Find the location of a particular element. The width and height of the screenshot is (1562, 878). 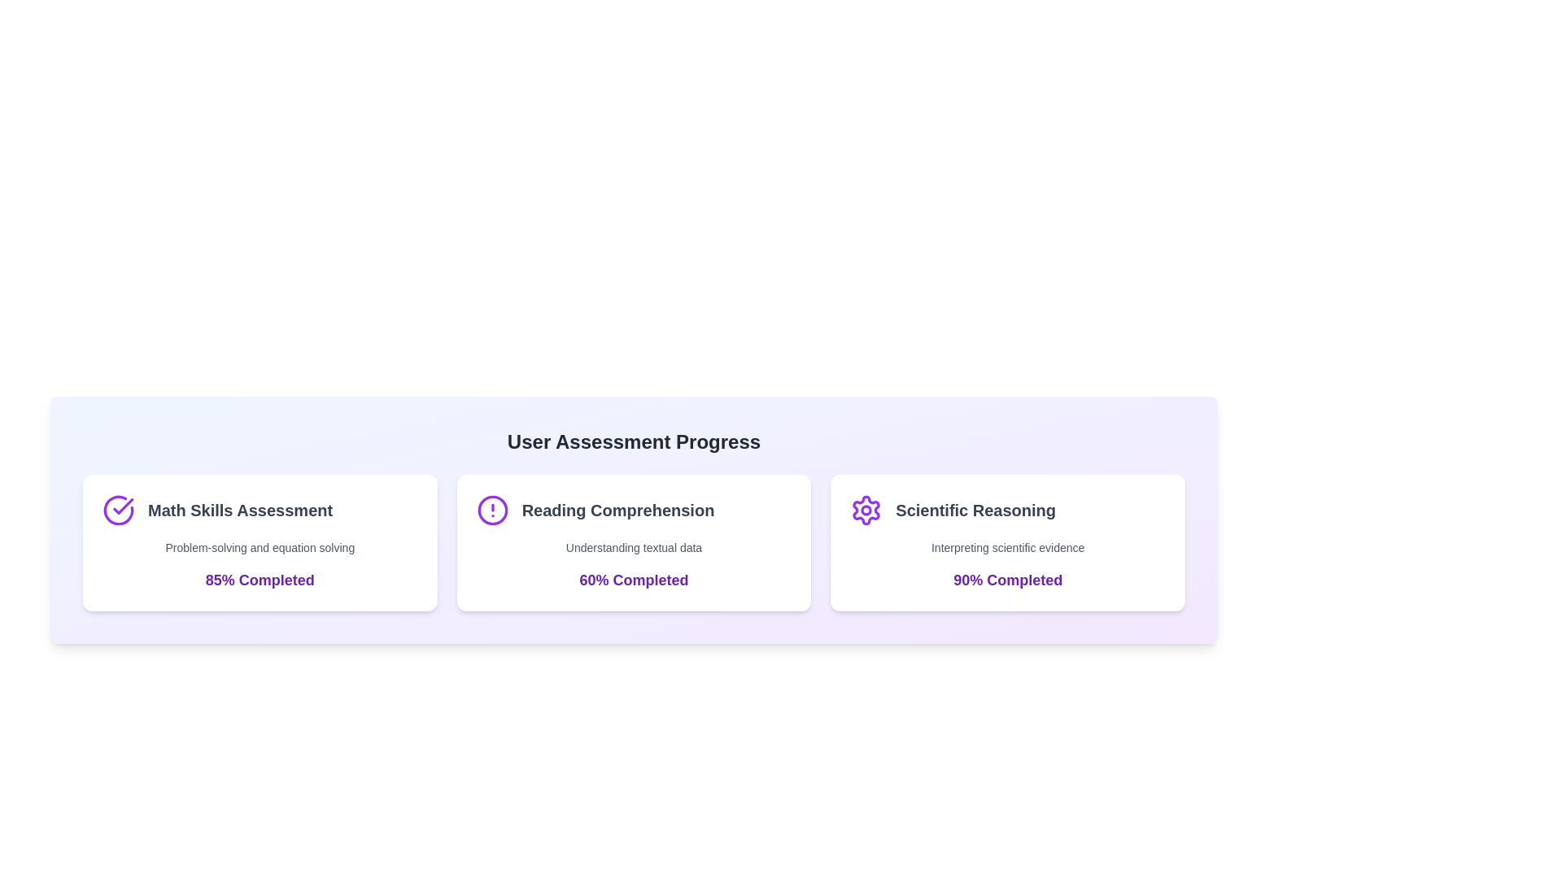

the 'Scientific Reasoning' text label with accompanying icon, which features bold dark gray text and a purple settings-like icon on the left, located at the top of a card in the third column of the grid layout is located at coordinates (1007, 510).